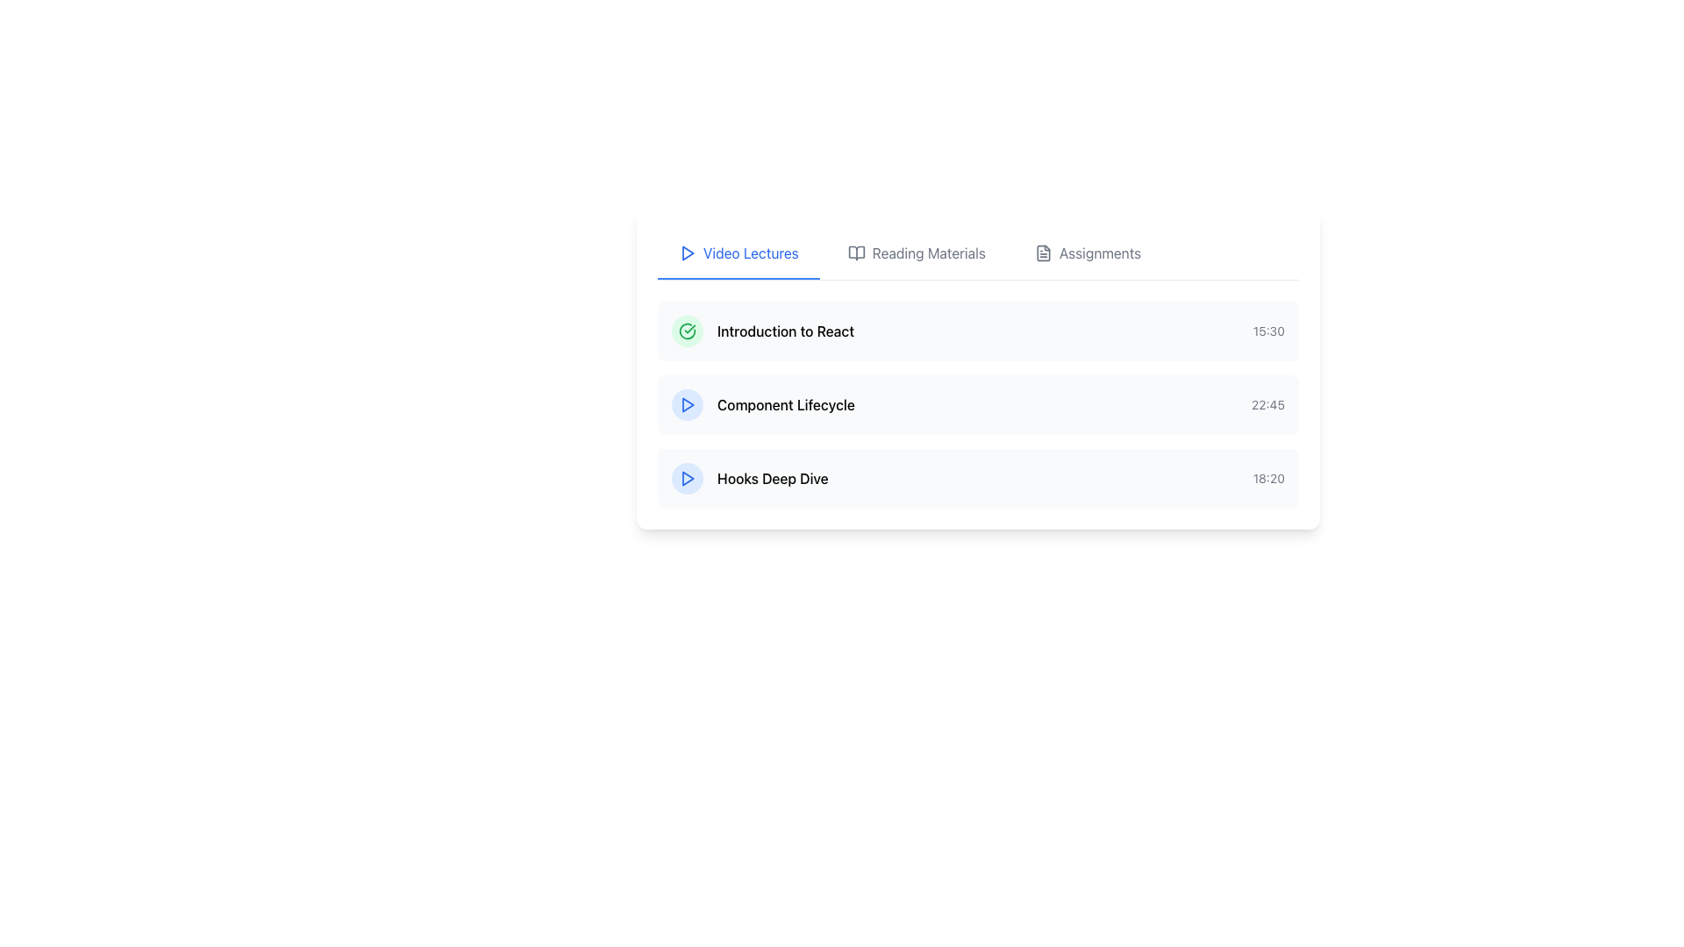  I want to click on the triangular play icon with a blue outline located in the second row before the text 'Component Lifecycle', so click(687, 405).